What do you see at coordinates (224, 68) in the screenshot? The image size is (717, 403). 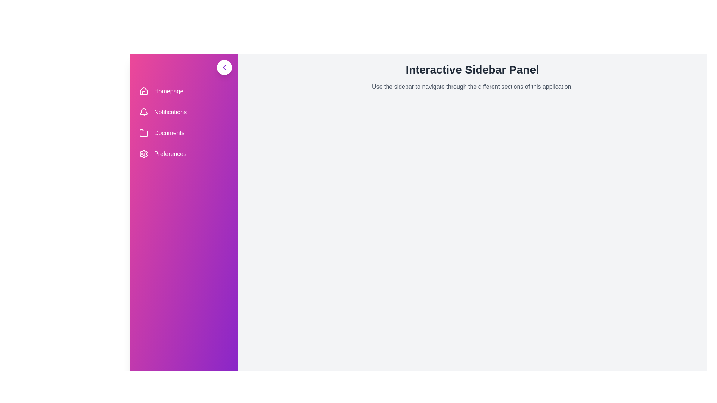 I see `the toggle button to change the visibility of the sidebar` at bounding box center [224, 68].